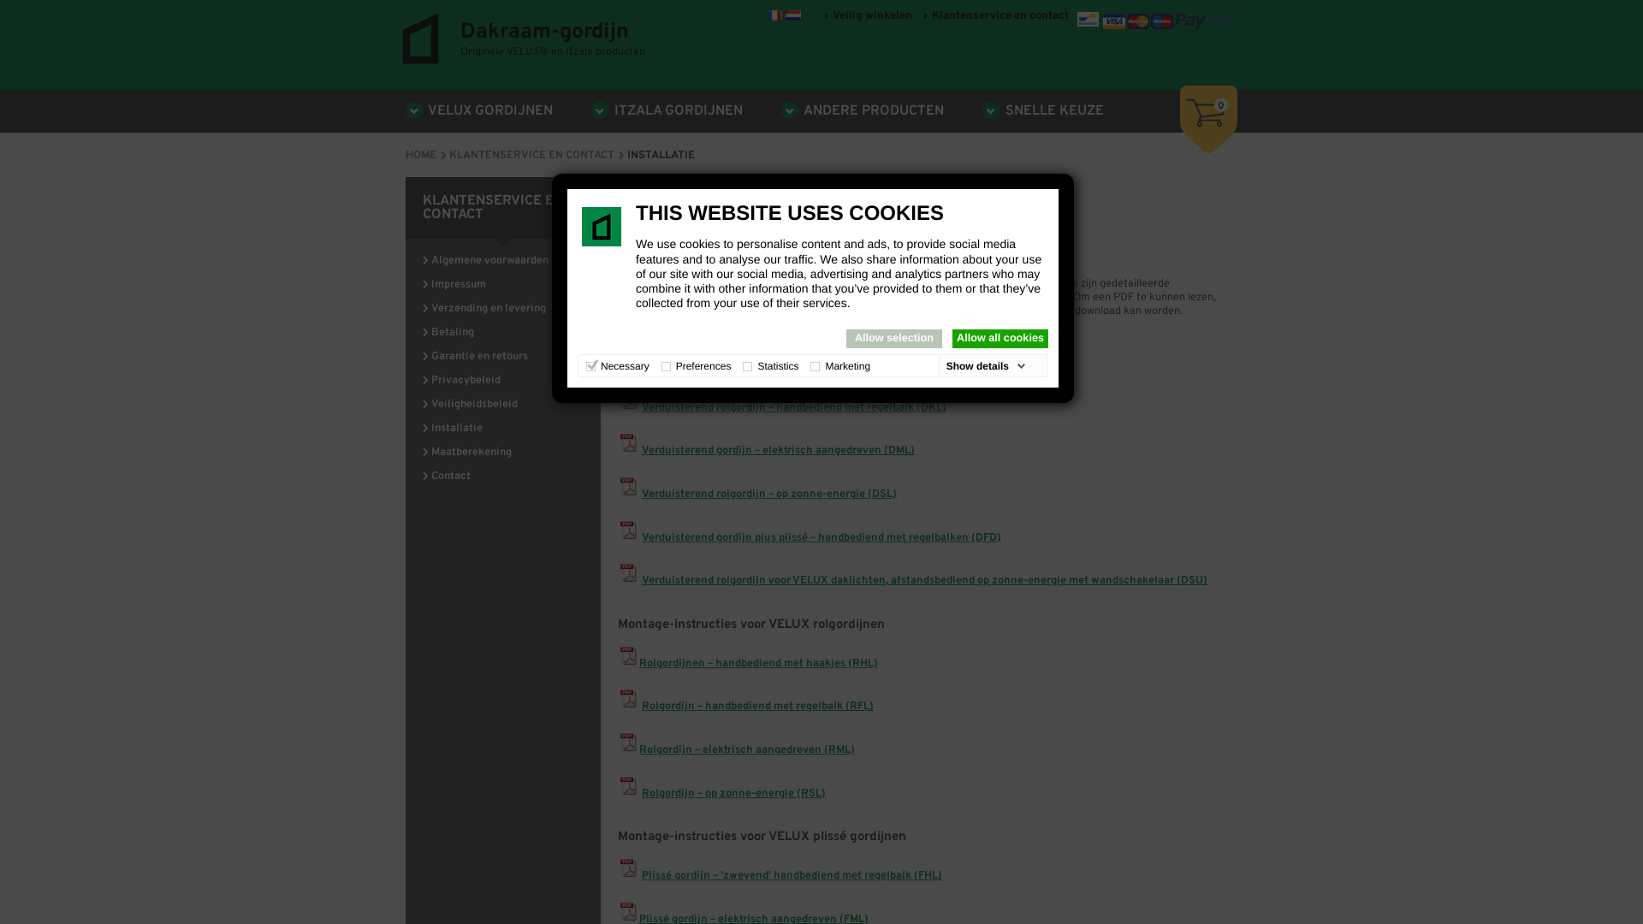 This screenshot has width=1643, height=924. I want to click on 'Verzending en levering', so click(431, 309).